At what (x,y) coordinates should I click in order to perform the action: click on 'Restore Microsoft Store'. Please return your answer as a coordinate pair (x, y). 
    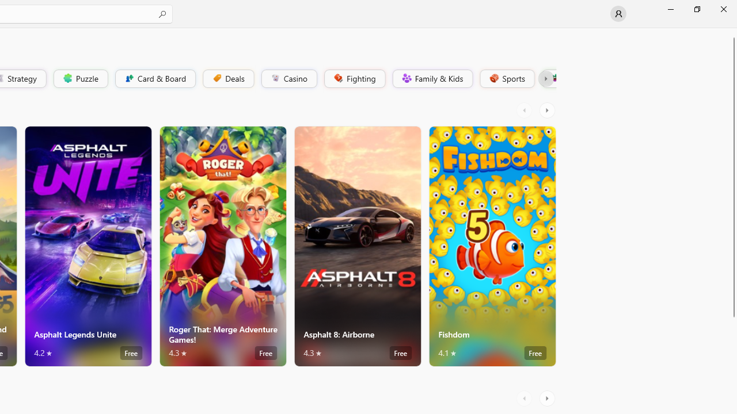
    Looking at the image, I should click on (696, 9).